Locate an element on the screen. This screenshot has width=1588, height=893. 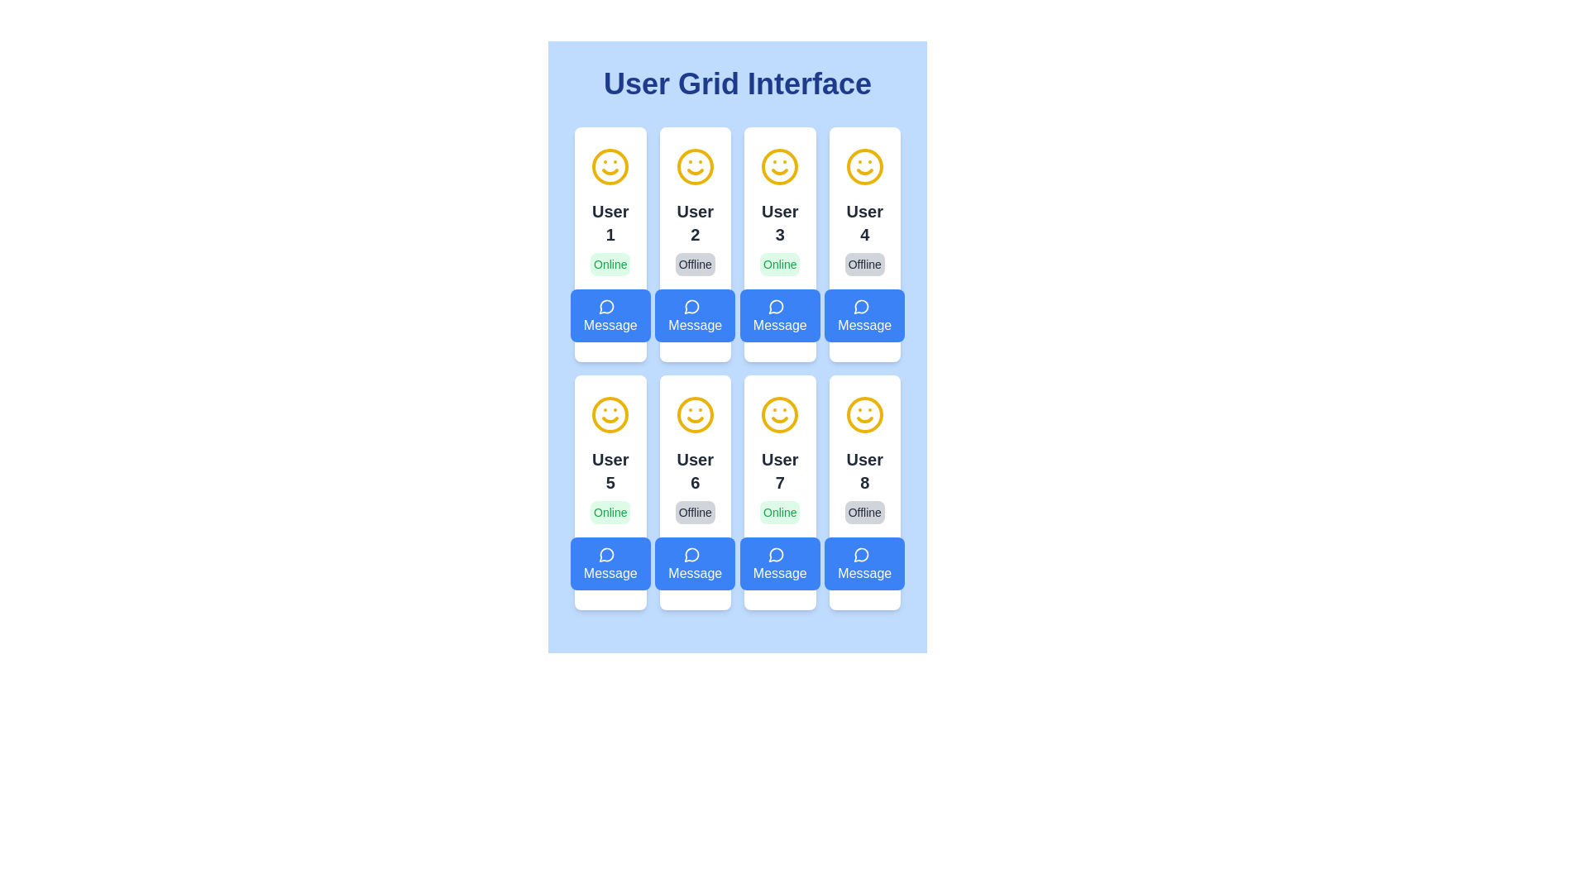
the yellow-filled circular element that forms the outer structure of the smiley face icon in the 'User 1' card, located in the first column and first row of the grid layout is located at coordinates (610, 166).